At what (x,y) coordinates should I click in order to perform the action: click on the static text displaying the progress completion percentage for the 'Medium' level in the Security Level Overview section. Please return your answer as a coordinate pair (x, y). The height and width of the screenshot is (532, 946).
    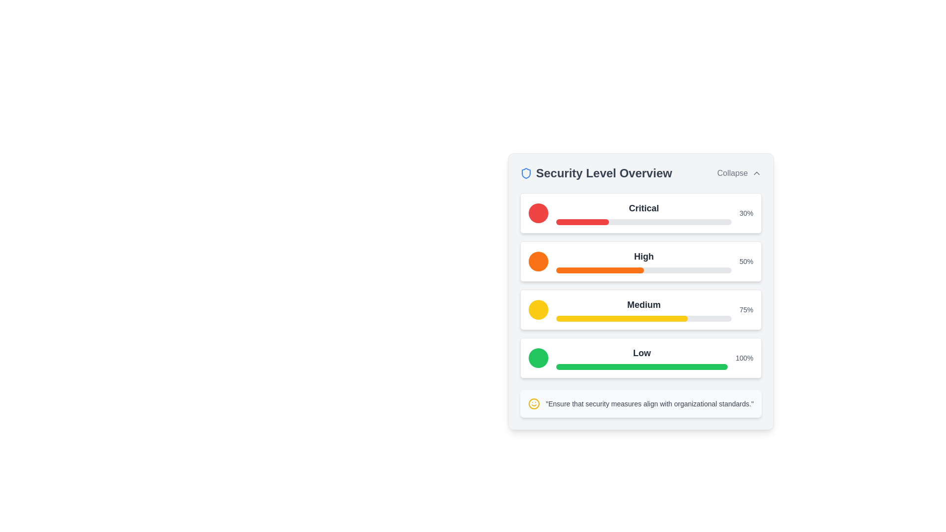
    Looking at the image, I should click on (746, 309).